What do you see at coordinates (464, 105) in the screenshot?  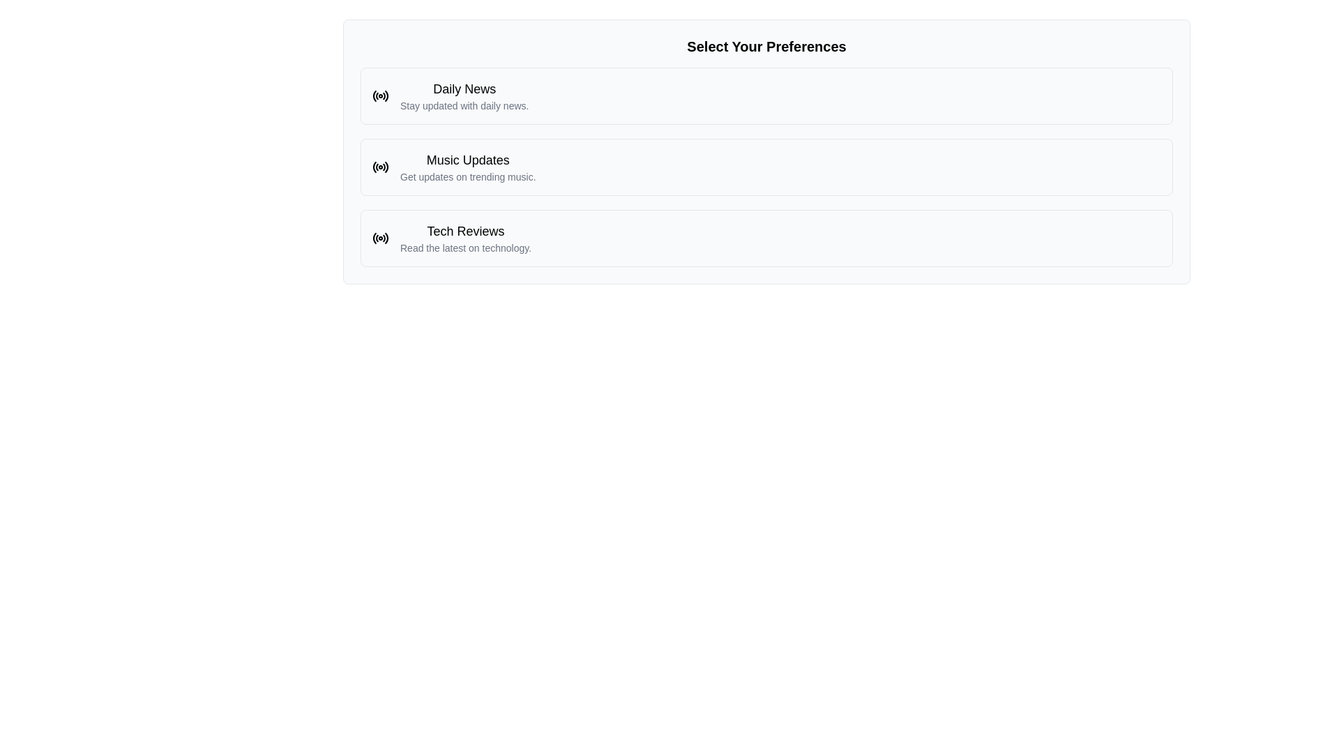 I see `the static informational text located below the 'Daily News' heading within the 'Select Your Preferences' section` at bounding box center [464, 105].